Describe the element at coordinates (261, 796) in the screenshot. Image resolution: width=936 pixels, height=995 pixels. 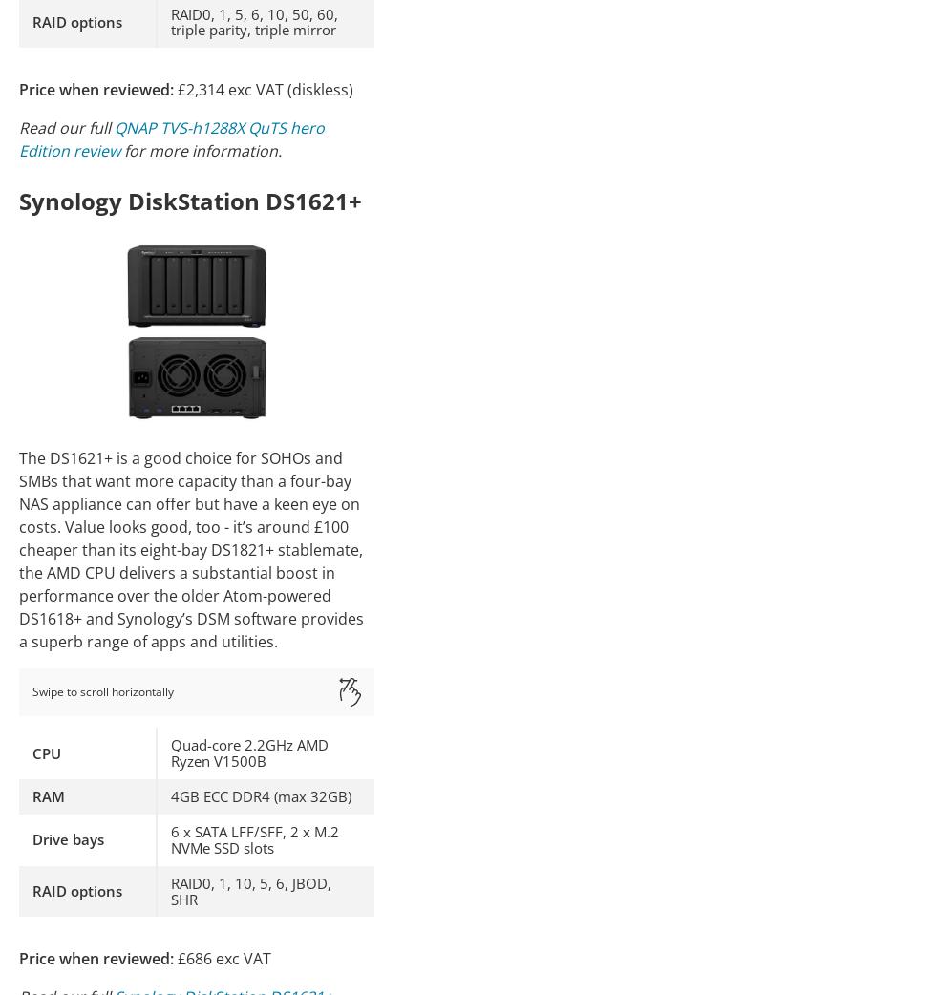
I see `'4GB ECC DDR4 (max 32GB)'` at that location.